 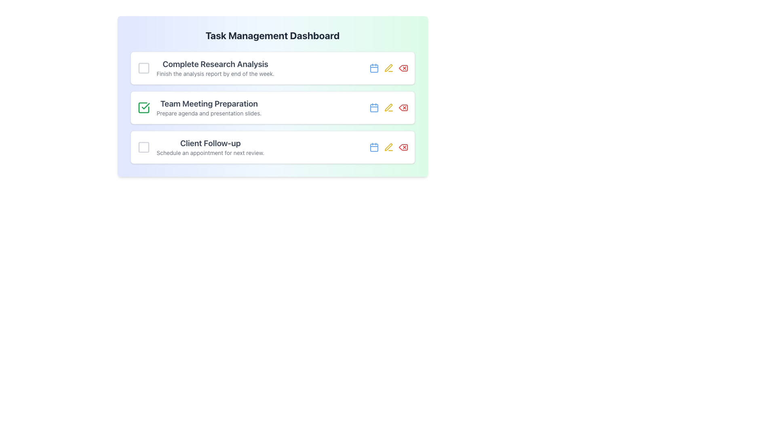 I want to click on the 'Complete Research Analysis' text block to access associated elements like the checkbox or action buttons, so click(x=206, y=68).